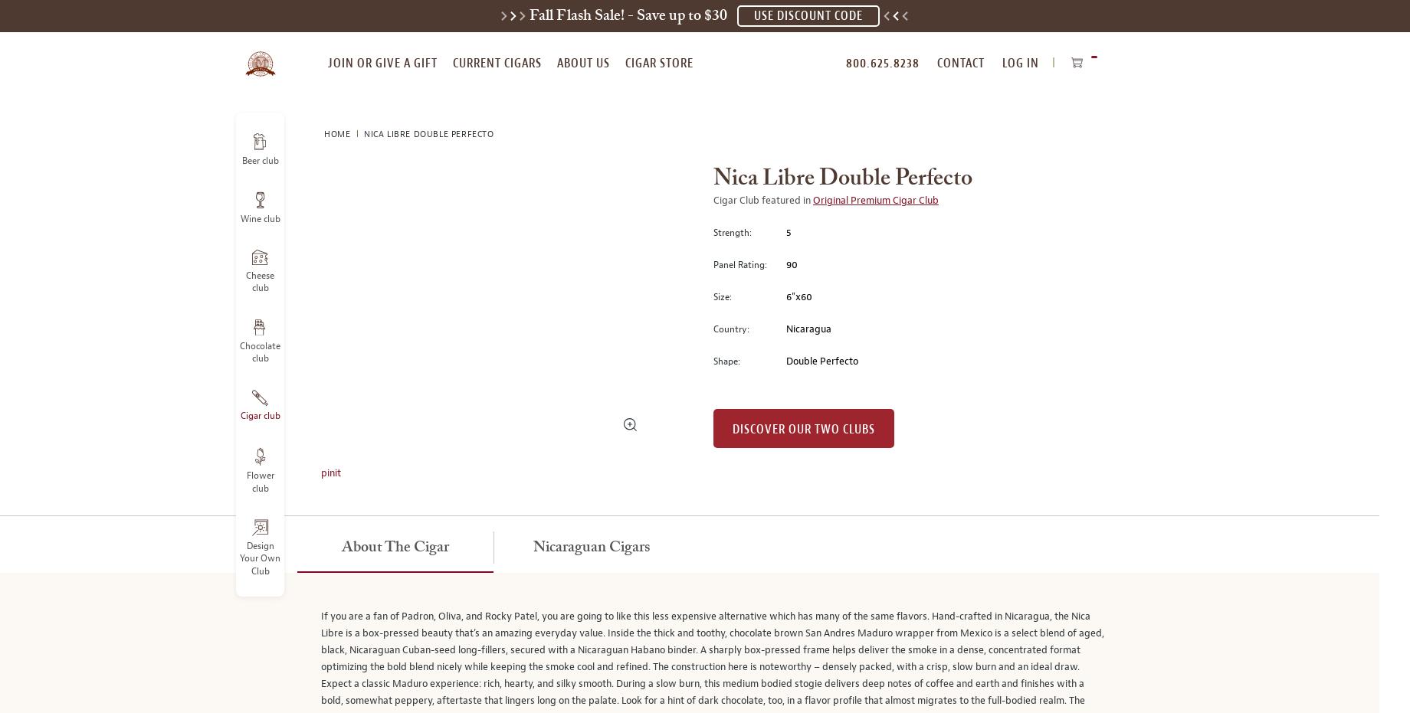  What do you see at coordinates (726, 361) in the screenshot?
I see `'Shape:'` at bounding box center [726, 361].